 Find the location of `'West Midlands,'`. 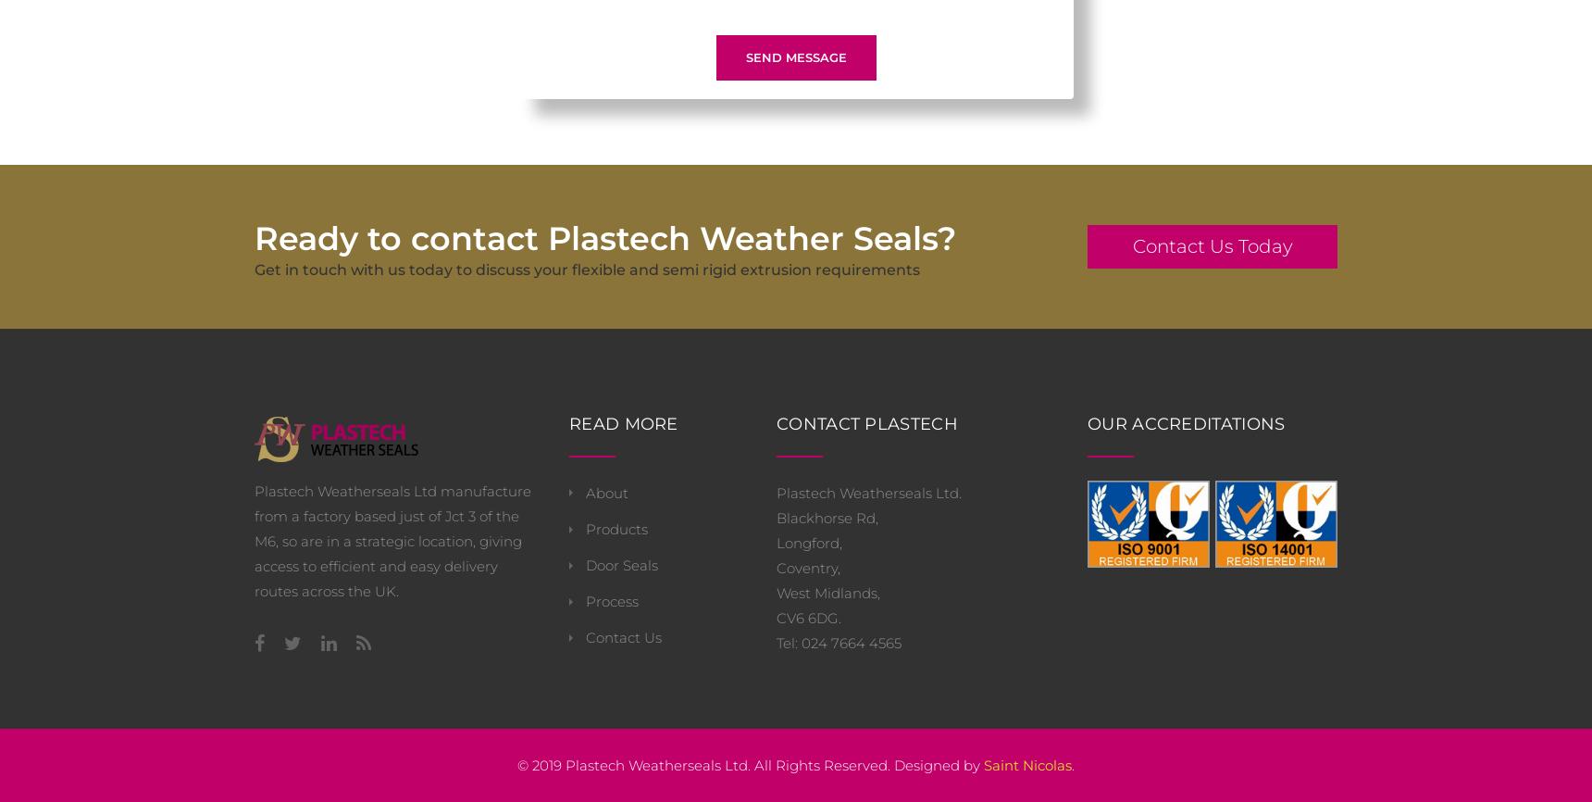

'West Midlands,' is located at coordinates (827, 593).